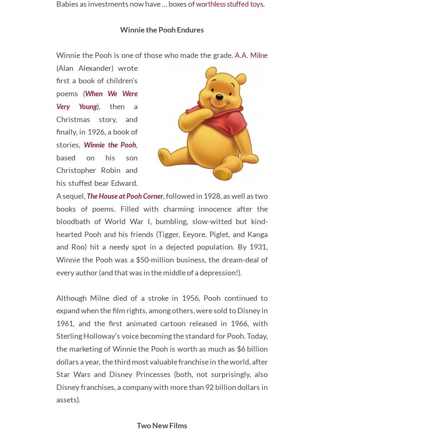 The width and height of the screenshot is (438, 432). Describe the element at coordinates (144, 86) in the screenshot. I see `'Winnie the Pooh is one of those who made the grade.'` at that location.